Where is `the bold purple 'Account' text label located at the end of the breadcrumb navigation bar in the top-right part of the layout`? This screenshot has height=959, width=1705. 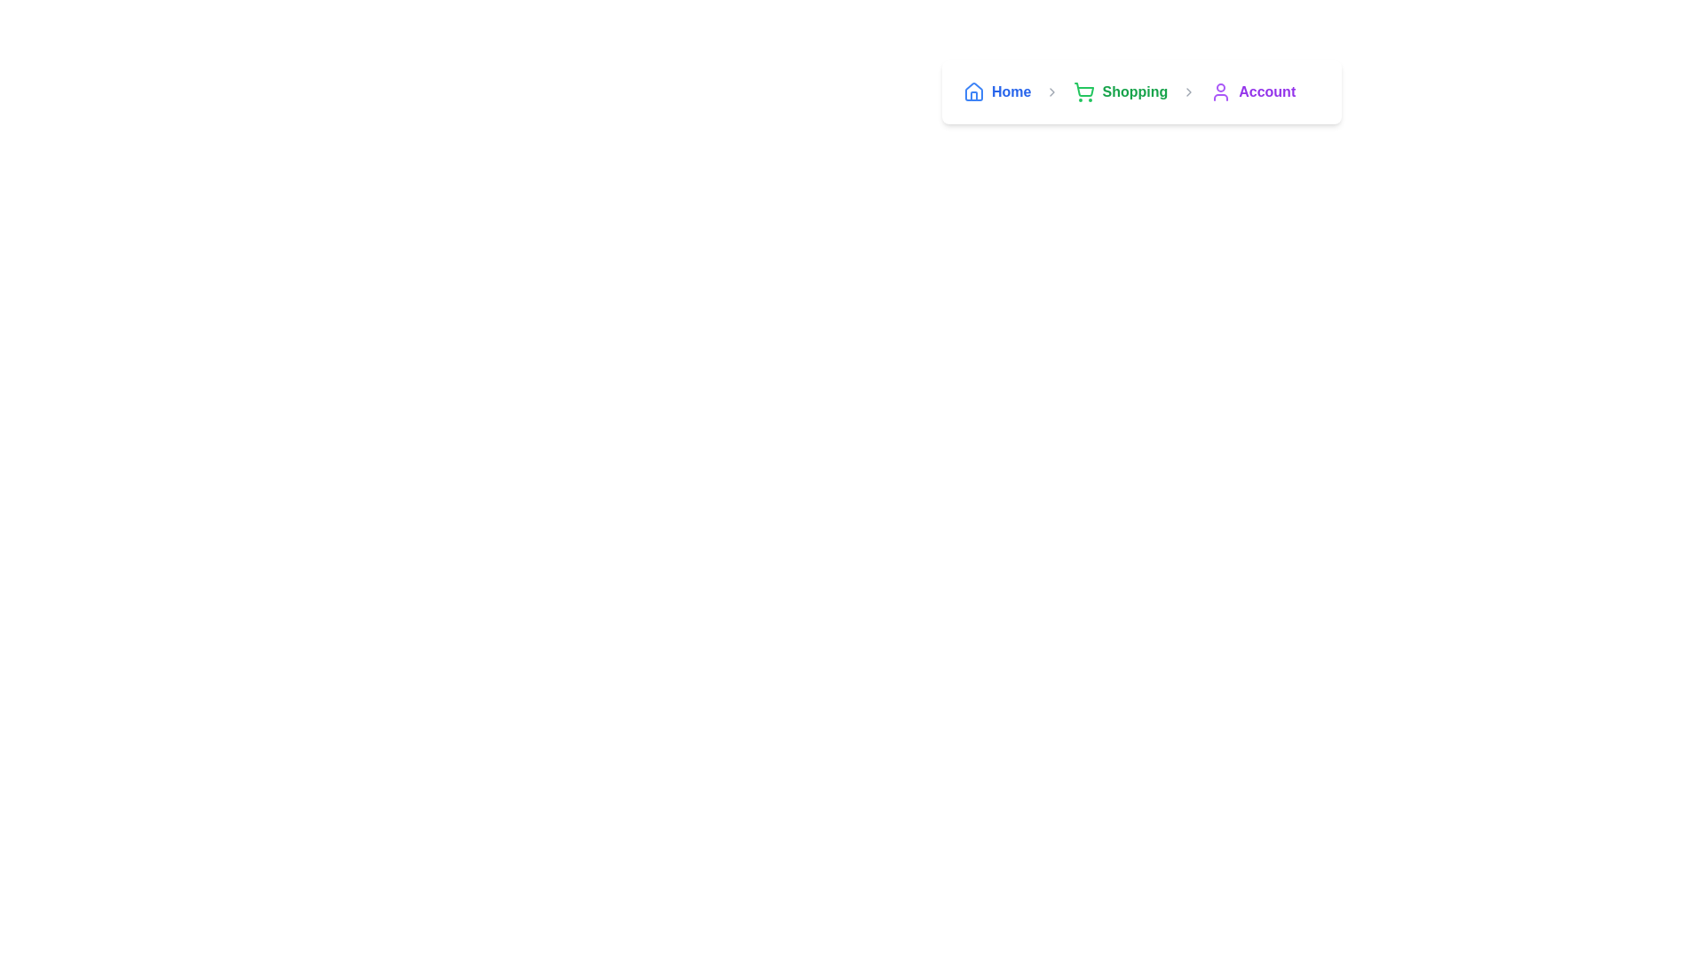 the bold purple 'Account' text label located at the end of the breadcrumb navigation bar in the top-right part of the layout is located at coordinates (1266, 92).